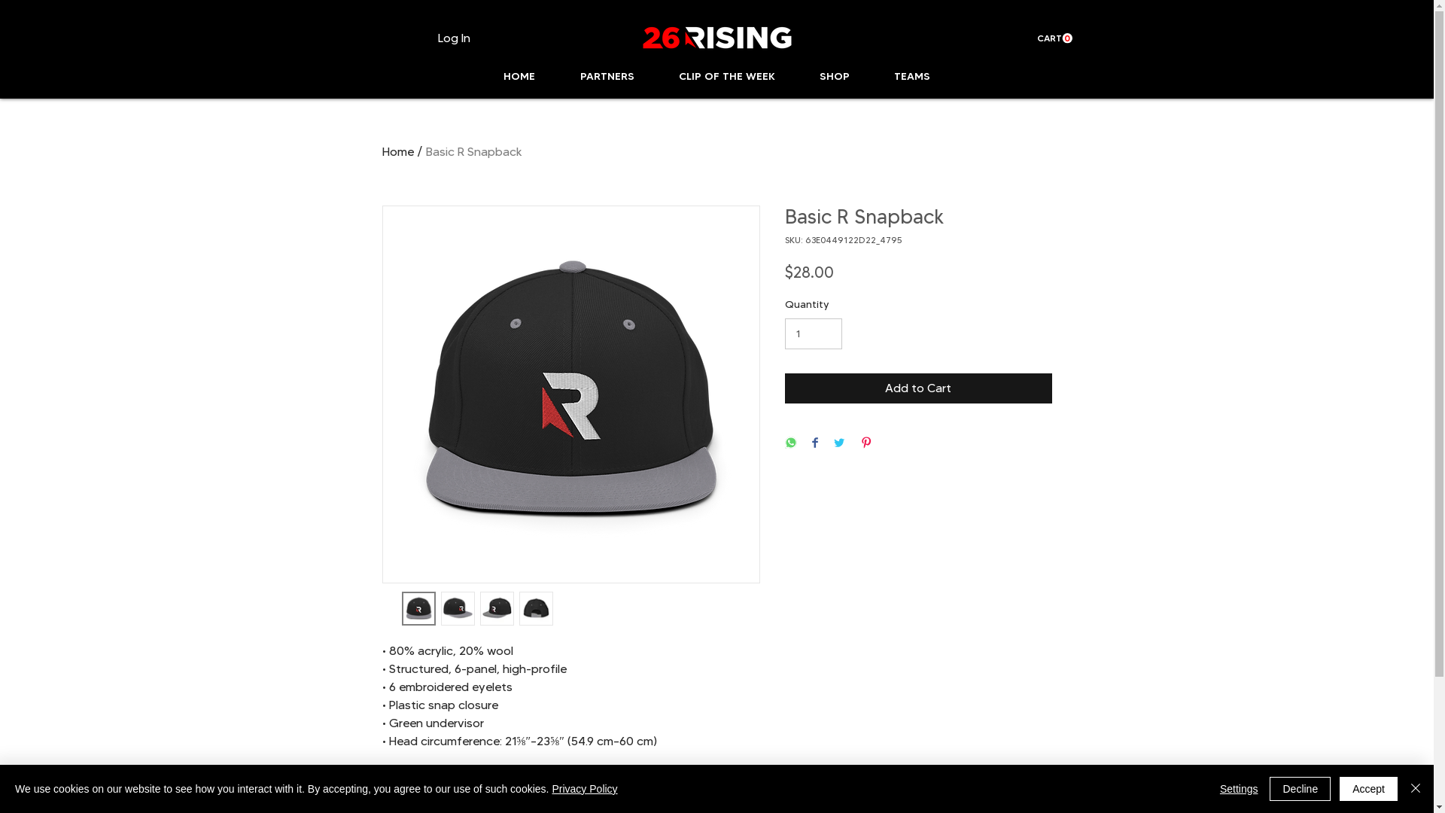 The image size is (1445, 813). Describe the element at coordinates (583, 788) in the screenshot. I see `'Privacy Policy'` at that location.